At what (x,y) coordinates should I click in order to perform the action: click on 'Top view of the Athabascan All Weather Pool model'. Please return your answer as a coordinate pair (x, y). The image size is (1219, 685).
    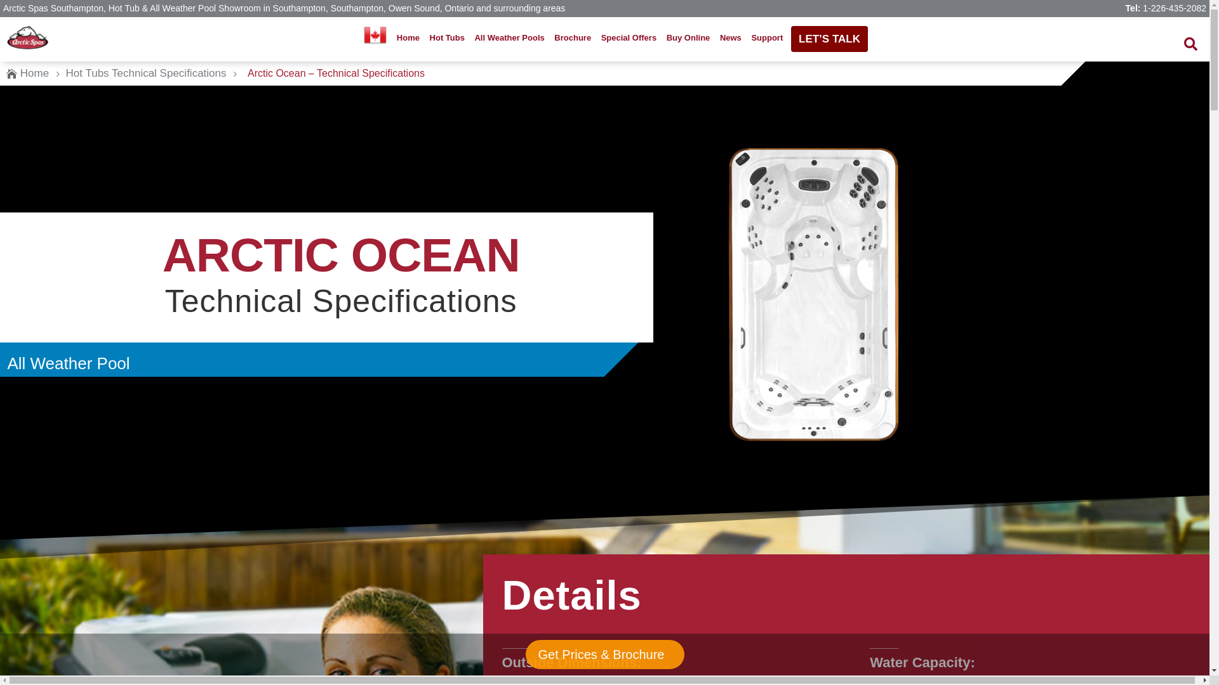
    Looking at the image, I should click on (813, 294).